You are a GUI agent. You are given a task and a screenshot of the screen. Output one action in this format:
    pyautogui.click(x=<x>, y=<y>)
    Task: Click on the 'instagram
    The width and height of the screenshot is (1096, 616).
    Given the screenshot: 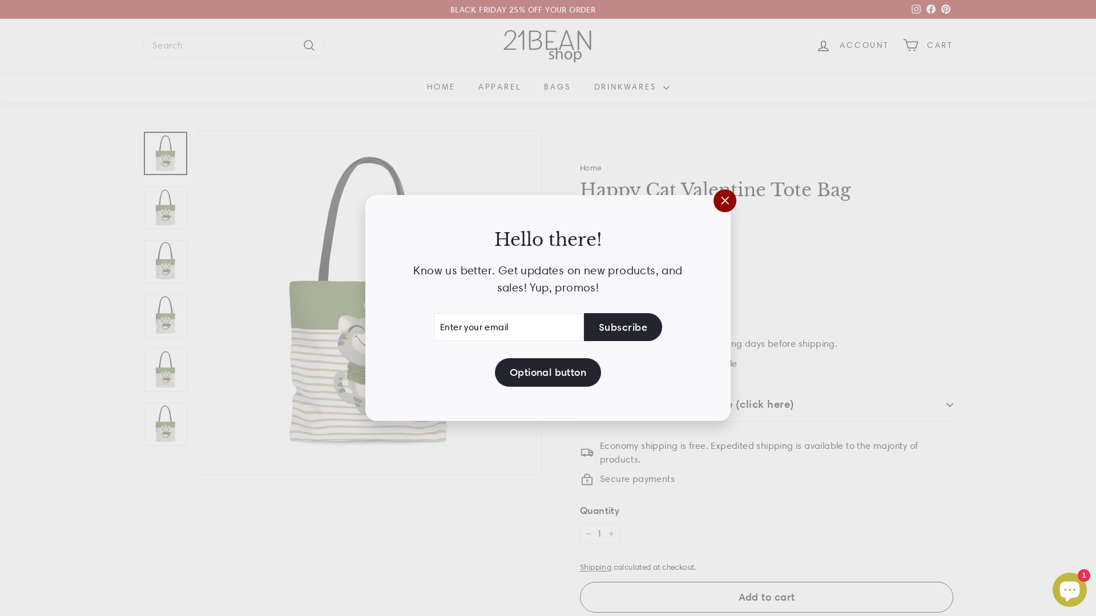 What is the action you would take?
    pyautogui.click(x=916, y=9)
    